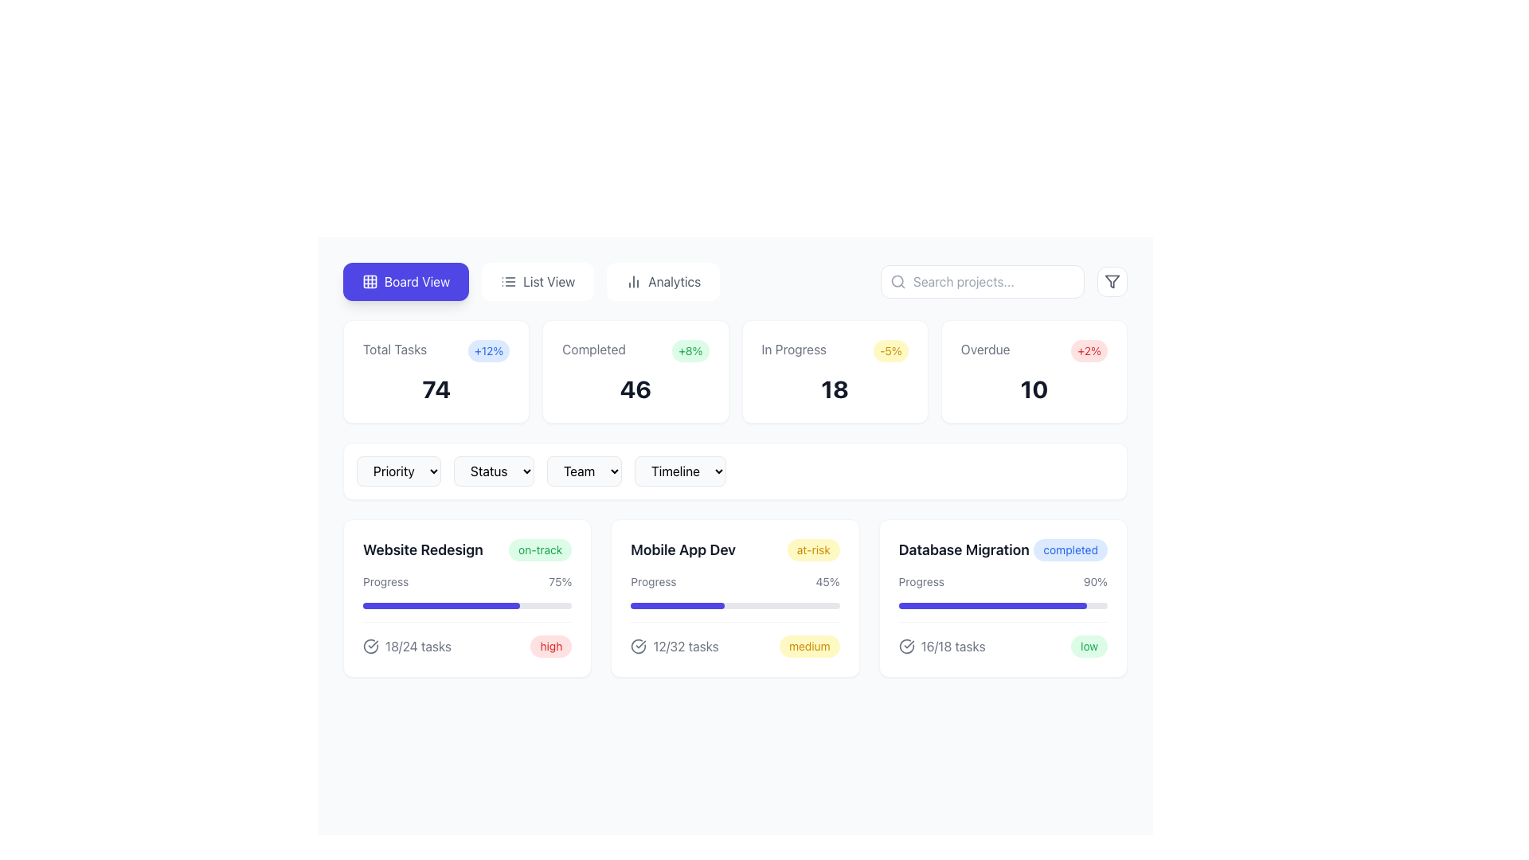 The height and width of the screenshot is (860, 1529). Describe the element at coordinates (794, 349) in the screenshot. I see `the informational text label indicating the status 'In Progress' within the upper dashboard summary row` at that location.